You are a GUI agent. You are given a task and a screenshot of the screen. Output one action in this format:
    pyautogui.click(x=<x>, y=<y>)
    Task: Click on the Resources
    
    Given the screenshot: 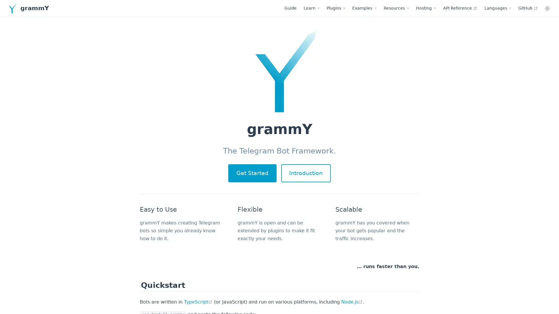 What is the action you would take?
    pyautogui.click(x=345, y=8)
    